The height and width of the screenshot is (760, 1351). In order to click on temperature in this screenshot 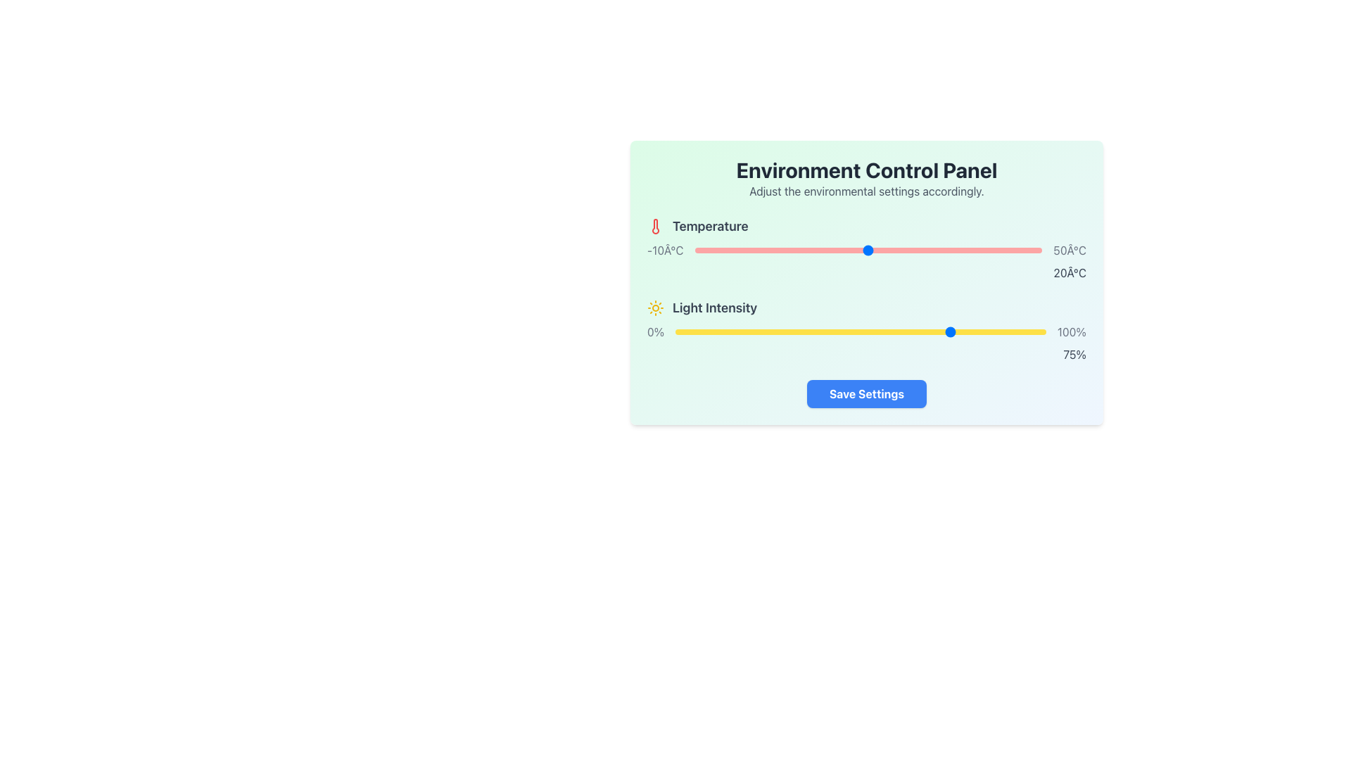, I will do `click(740, 249)`.